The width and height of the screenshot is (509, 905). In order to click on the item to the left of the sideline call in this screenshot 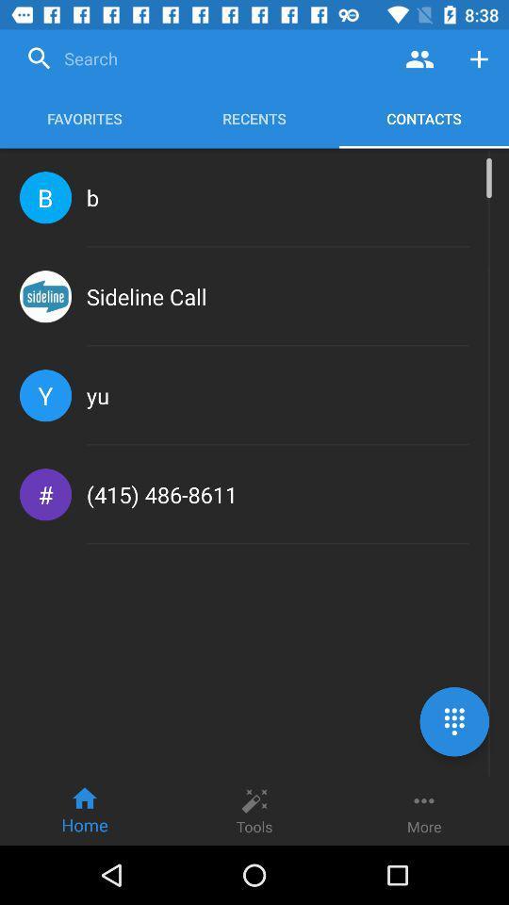, I will do `click(45, 296)`.